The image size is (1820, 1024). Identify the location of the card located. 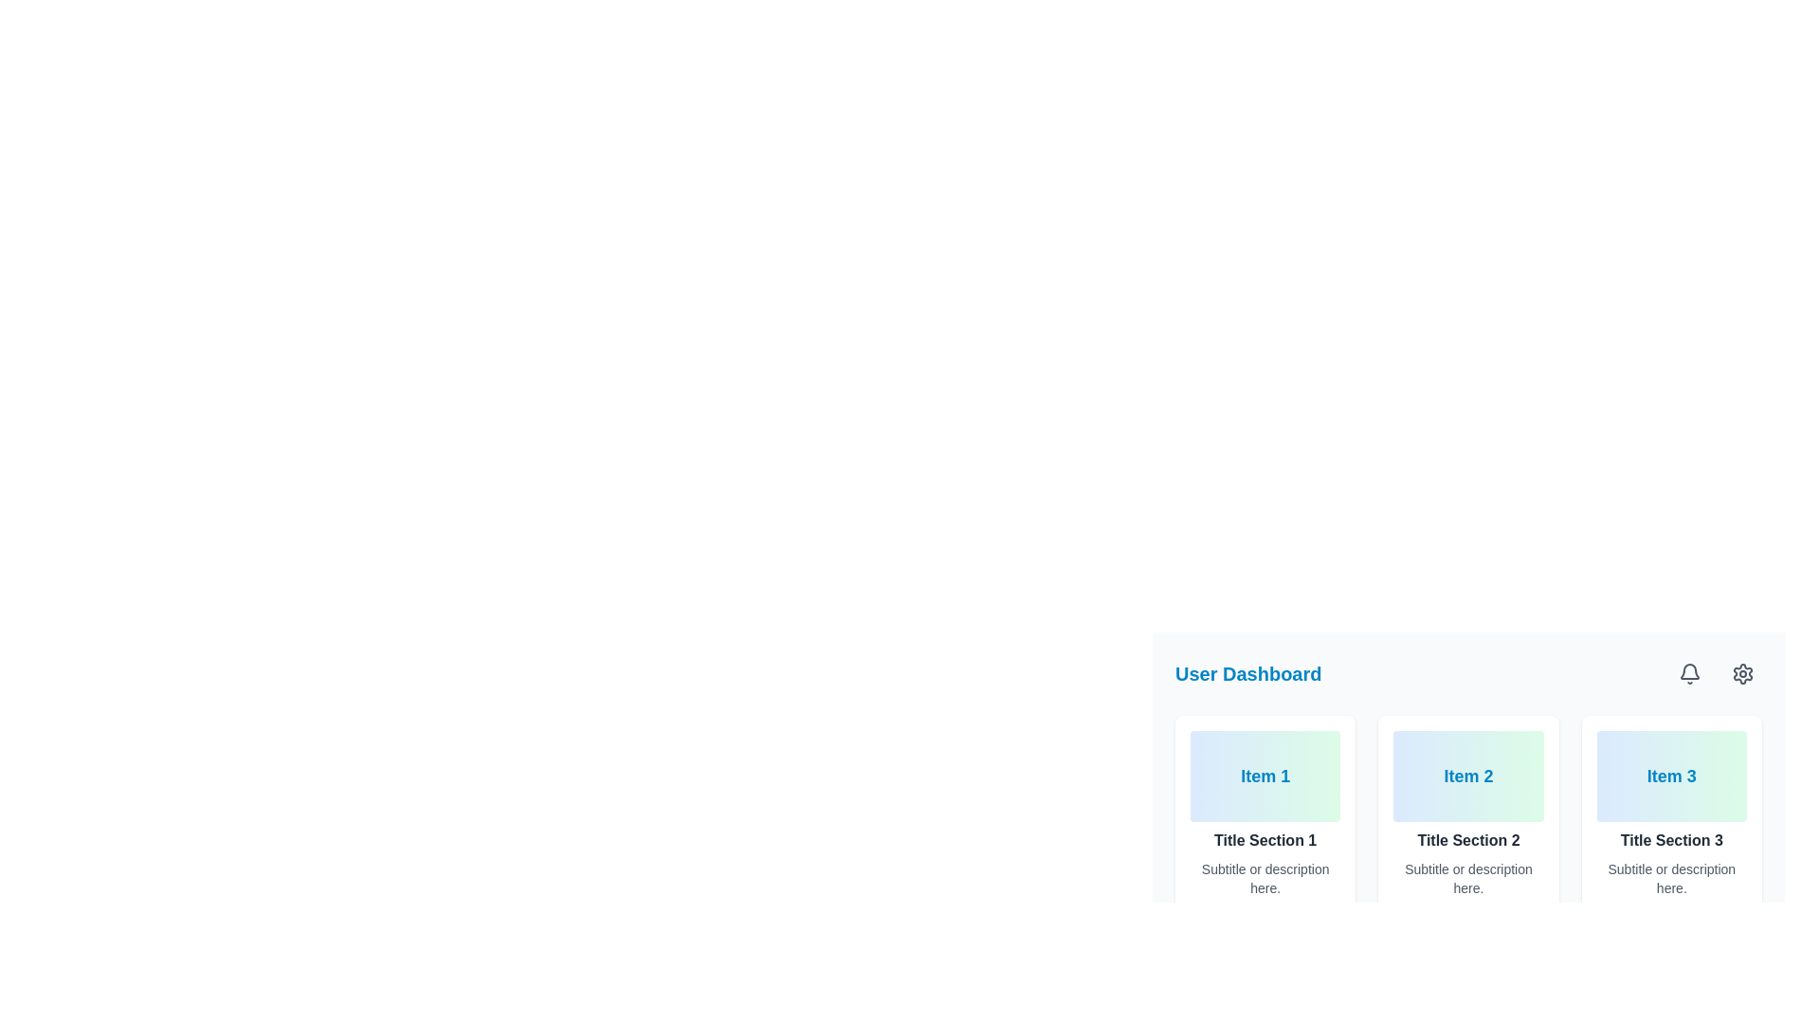
(1671, 814).